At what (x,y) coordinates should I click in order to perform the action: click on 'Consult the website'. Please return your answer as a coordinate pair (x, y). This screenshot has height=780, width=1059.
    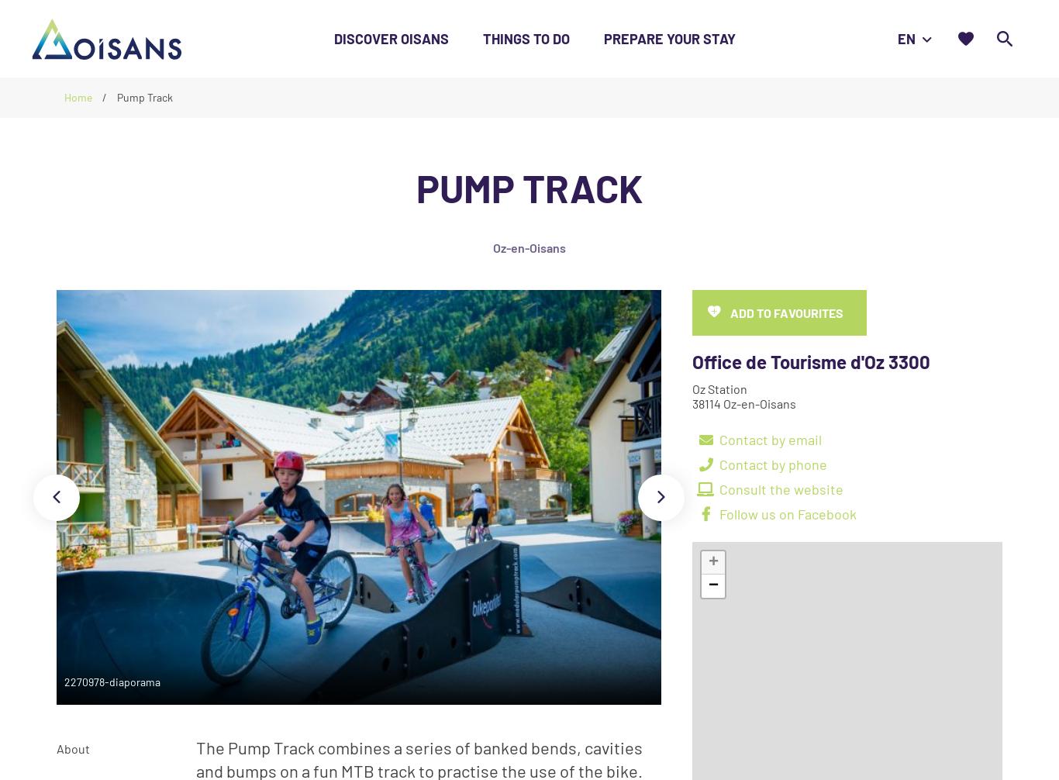
    Looking at the image, I should click on (781, 488).